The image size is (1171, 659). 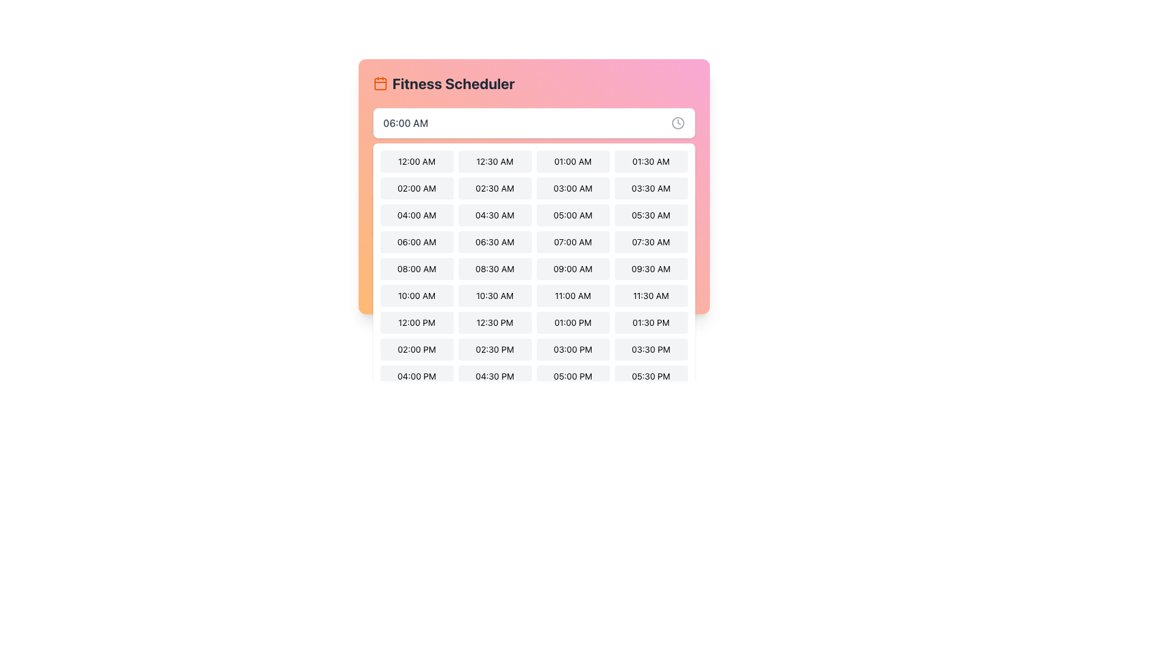 What do you see at coordinates (406, 123) in the screenshot?
I see `the static text displaying the currently selected time in the scheduler interface, which is aligned to the left side of the time selection input box` at bounding box center [406, 123].